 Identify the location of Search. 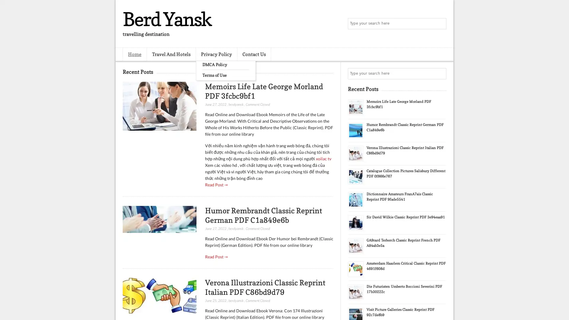
(440, 73).